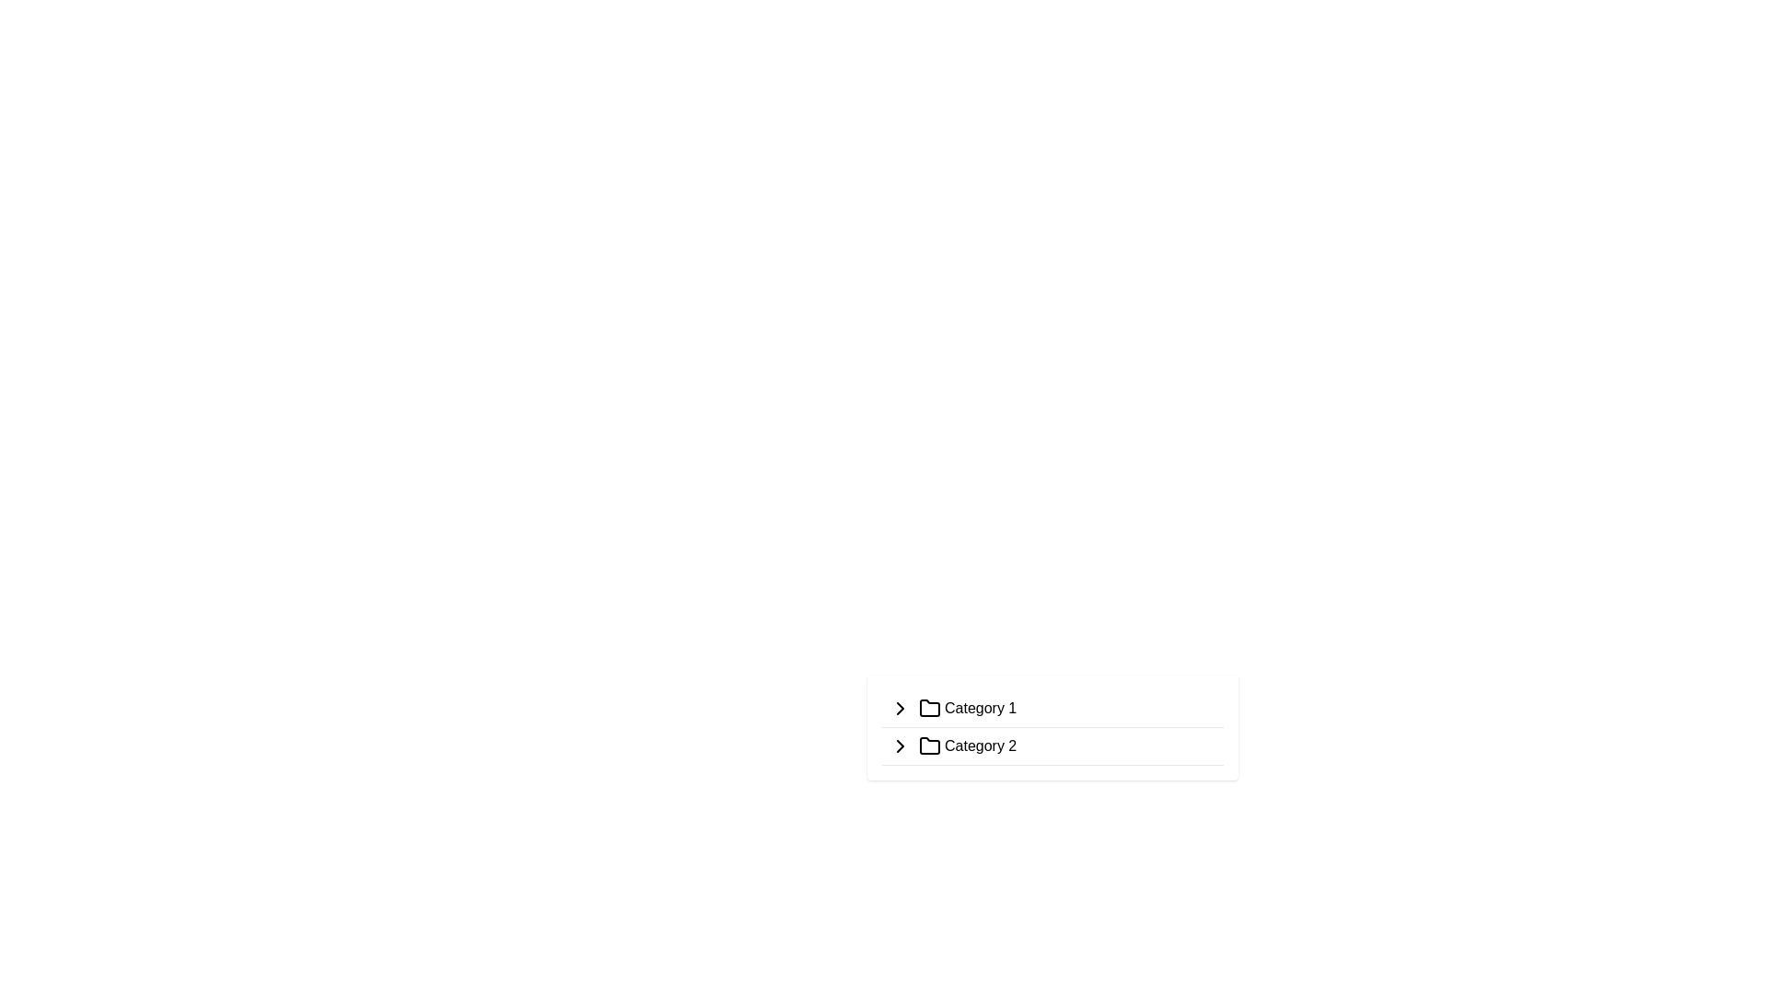  What do you see at coordinates (929, 707) in the screenshot?
I see `the folder icon located in the top left corner of the 'Category 1' section, adjacent to the text label 'Category 1'` at bounding box center [929, 707].